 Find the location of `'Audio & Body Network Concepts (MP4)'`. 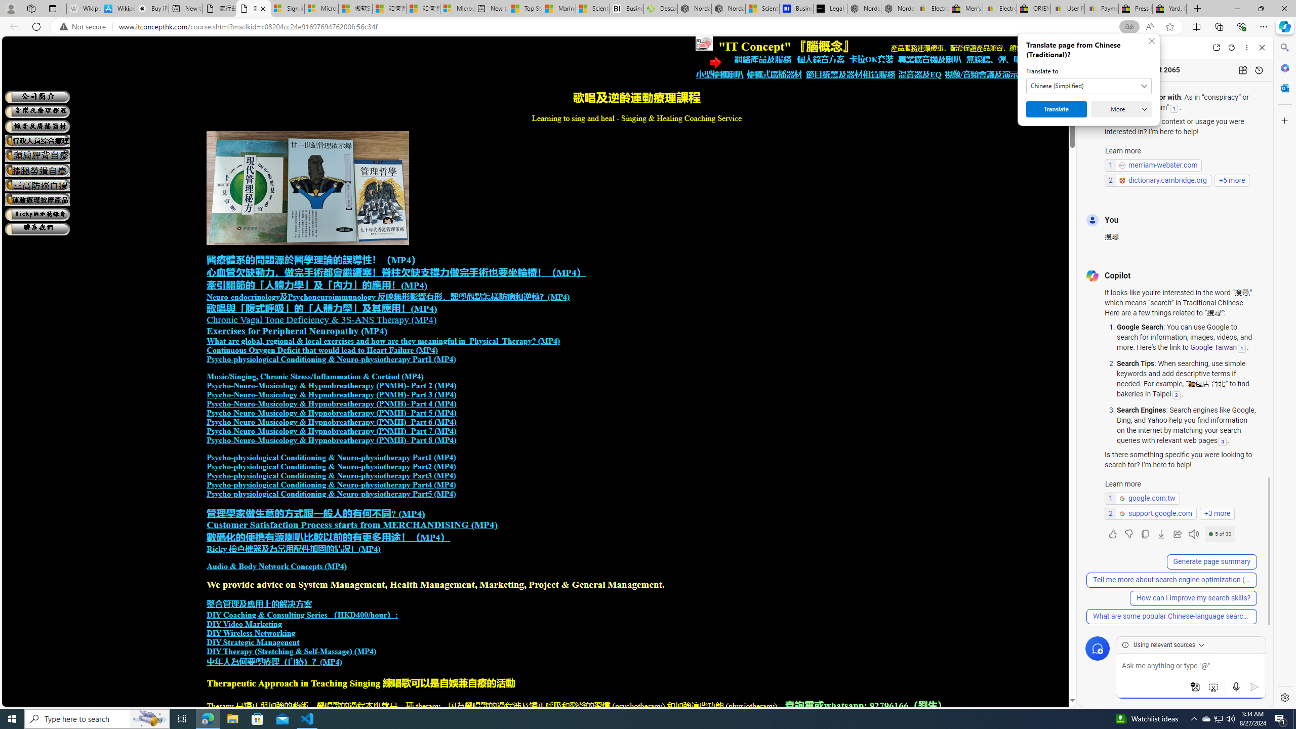

'Audio & Body Network Concepts (MP4)' is located at coordinates (276, 566).